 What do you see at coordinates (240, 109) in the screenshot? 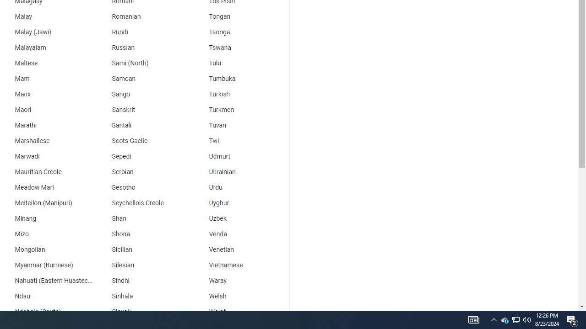
I see `'Turkmen'` at bounding box center [240, 109].